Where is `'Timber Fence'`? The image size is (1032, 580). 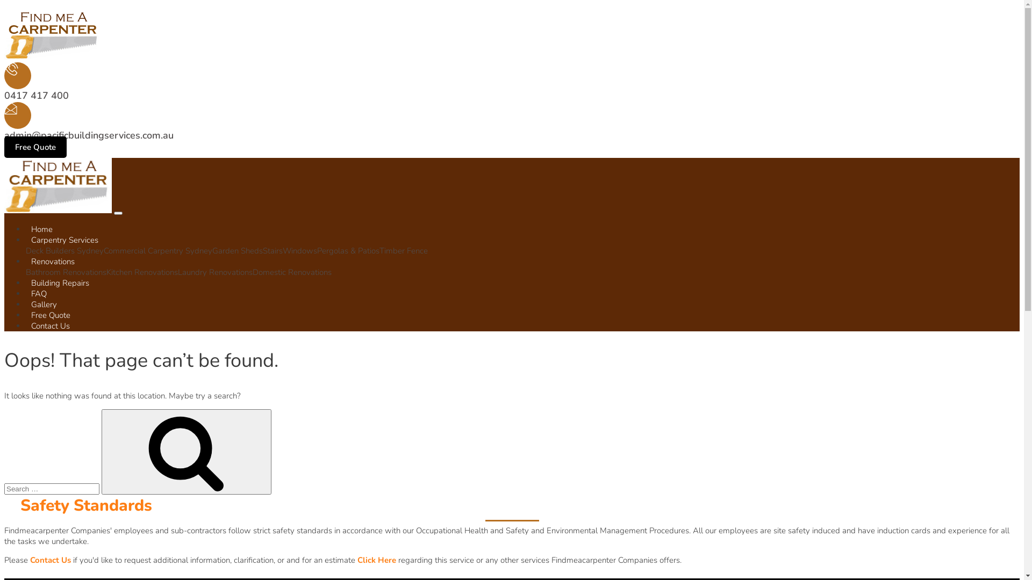 'Timber Fence' is located at coordinates (403, 250).